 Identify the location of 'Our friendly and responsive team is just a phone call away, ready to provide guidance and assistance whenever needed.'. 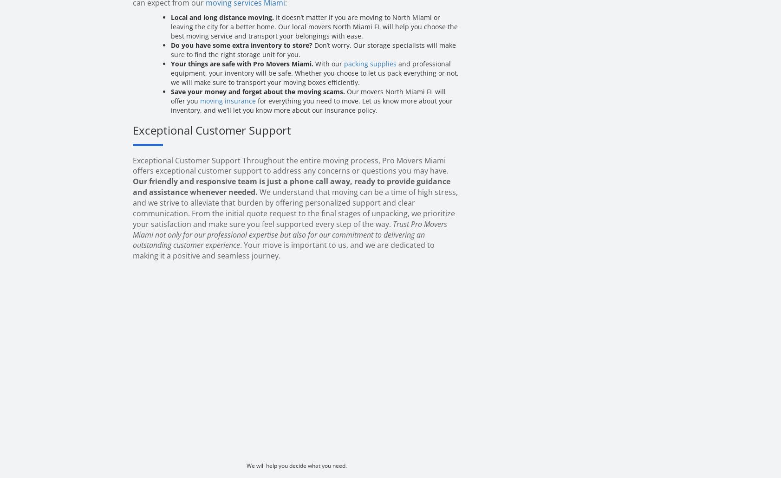
(292, 187).